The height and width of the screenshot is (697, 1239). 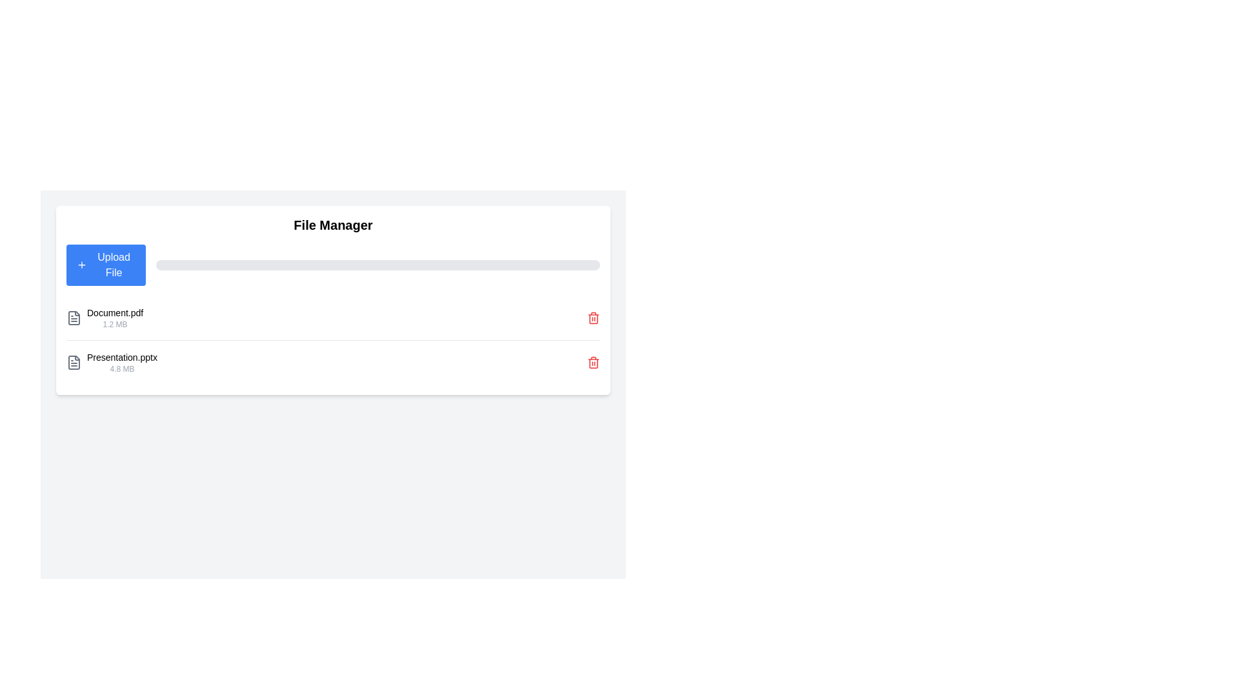 What do you see at coordinates (122, 358) in the screenshot?
I see `the text label displaying the file name for the associated file entry, located under the 'File Manager' header and above the file size information, specifically the second item listed below 'Document.pdf'` at bounding box center [122, 358].